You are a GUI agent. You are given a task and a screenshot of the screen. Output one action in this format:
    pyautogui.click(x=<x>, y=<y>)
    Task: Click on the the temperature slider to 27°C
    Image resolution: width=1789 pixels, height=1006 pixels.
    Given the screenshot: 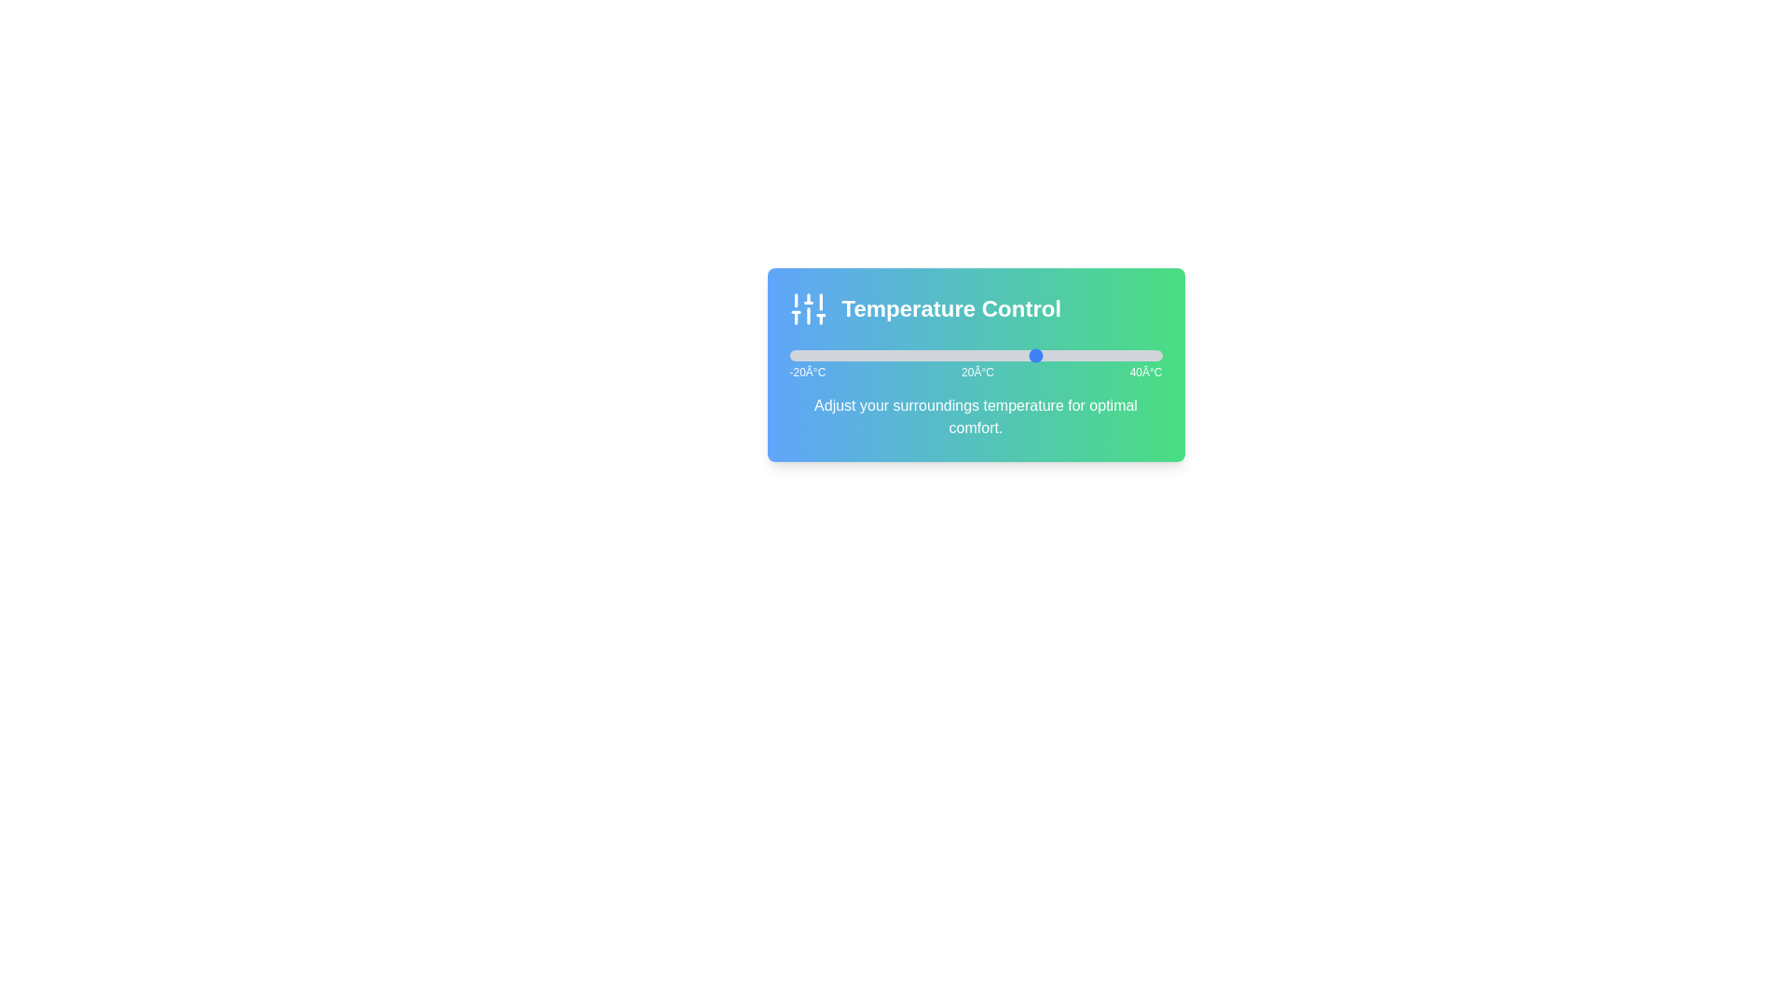 What is the action you would take?
    pyautogui.click(x=1081, y=355)
    